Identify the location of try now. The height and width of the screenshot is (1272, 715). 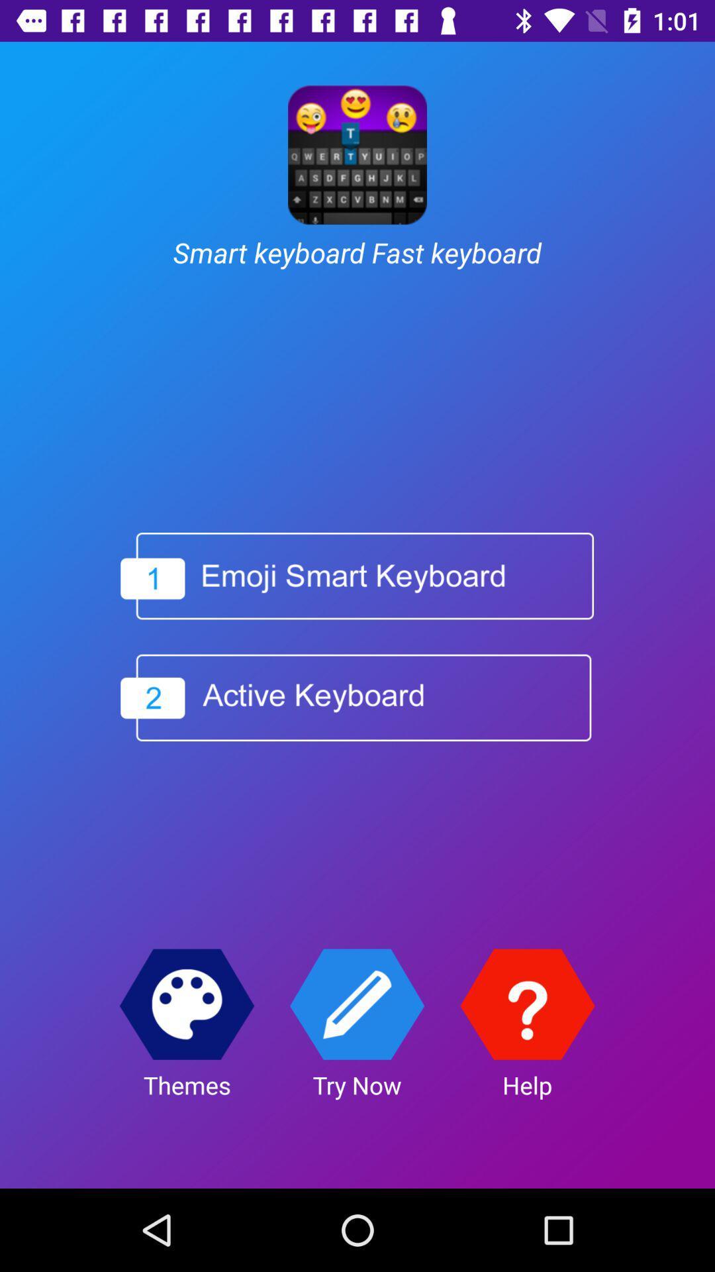
(356, 1004).